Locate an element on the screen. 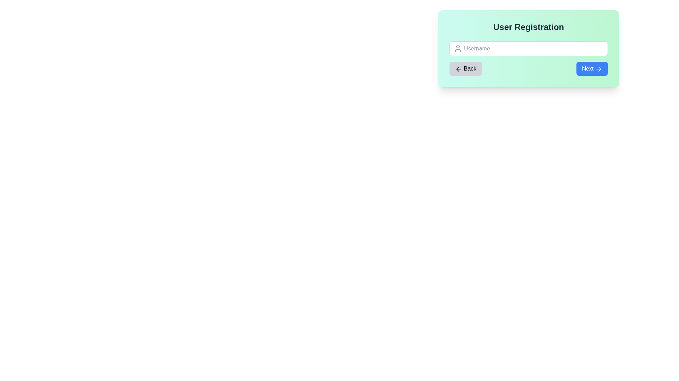  the user icon element, which is a gray SVG graphic representing a circular head on a semi-circular body, located at the far left of a text input field with rounded corners is located at coordinates (458, 48).